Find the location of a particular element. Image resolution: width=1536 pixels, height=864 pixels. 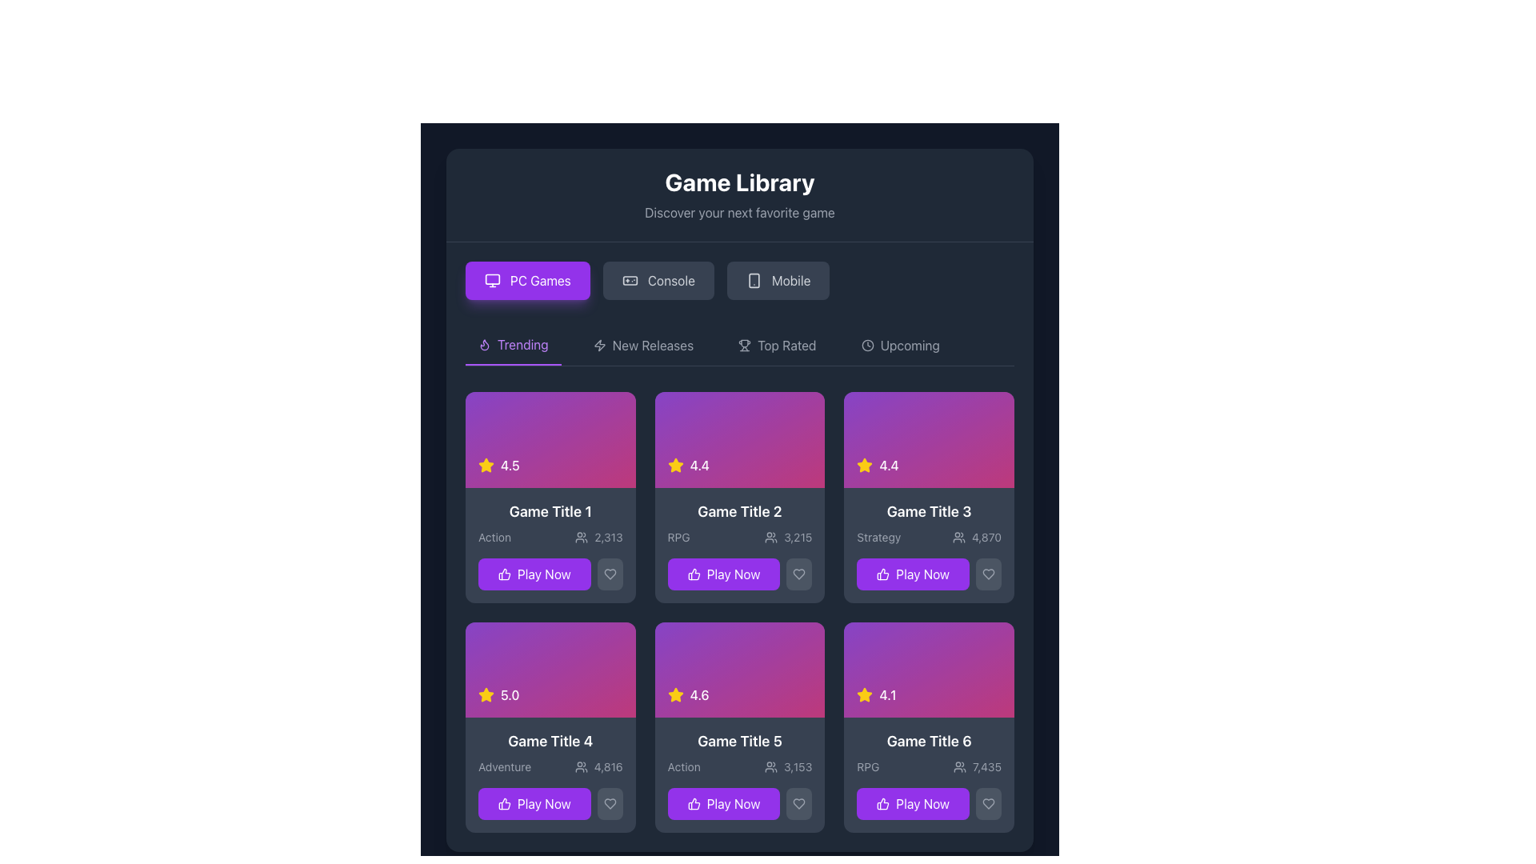

the heart icon button with a gray background located in the bottom-right corner of the 'Game Title 1' card is located at coordinates (609, 573).